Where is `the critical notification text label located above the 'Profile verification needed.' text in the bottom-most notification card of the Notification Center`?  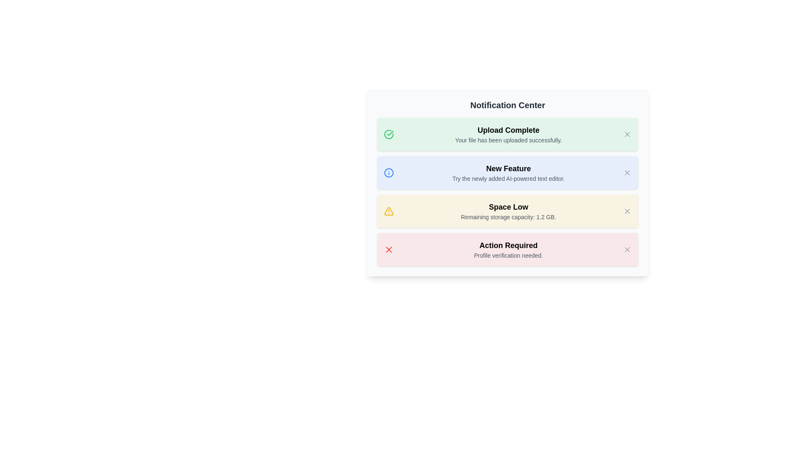 the critical notification text label located above the 'Profile verification needed.' text in the bottom-most notification card of the Notification Center is located at coordinates (508, 245).